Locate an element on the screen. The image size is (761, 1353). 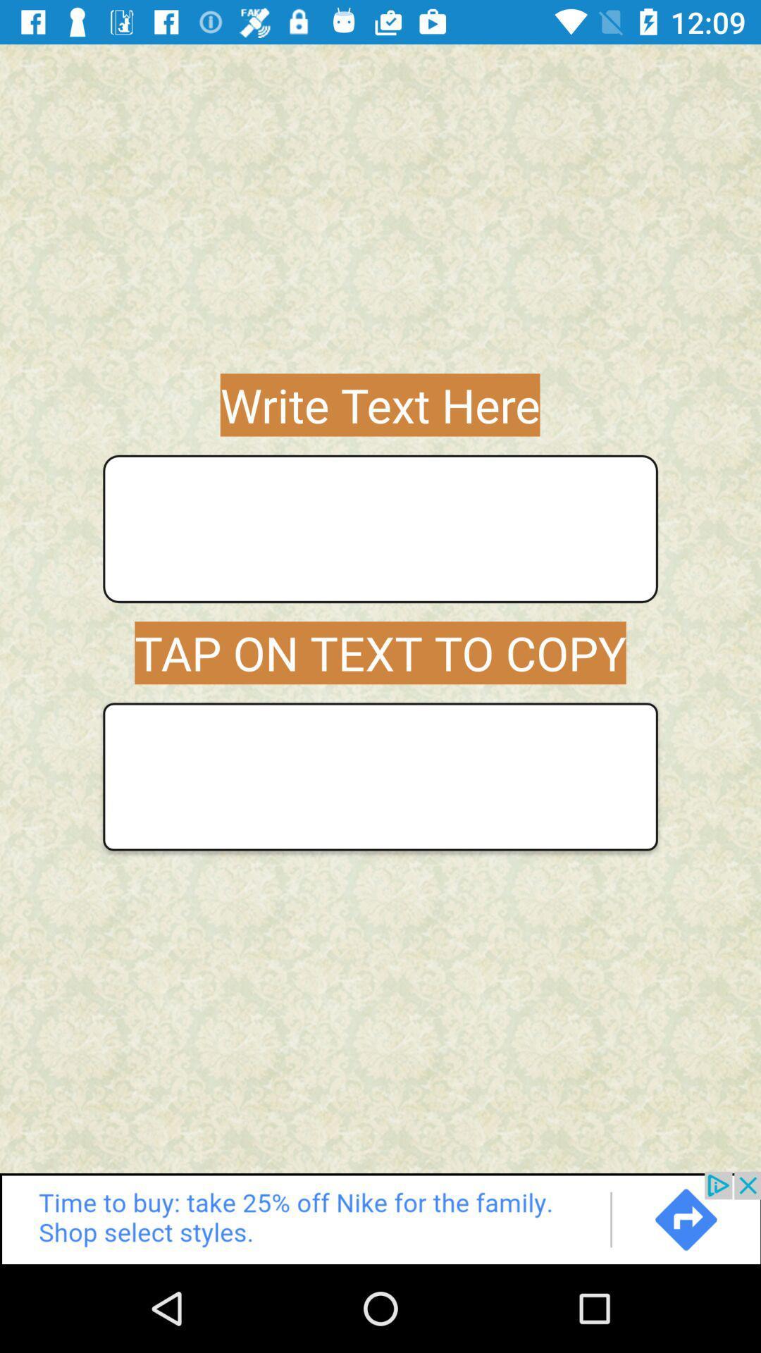
tap on text to copy is located at coordinates (380, 776).